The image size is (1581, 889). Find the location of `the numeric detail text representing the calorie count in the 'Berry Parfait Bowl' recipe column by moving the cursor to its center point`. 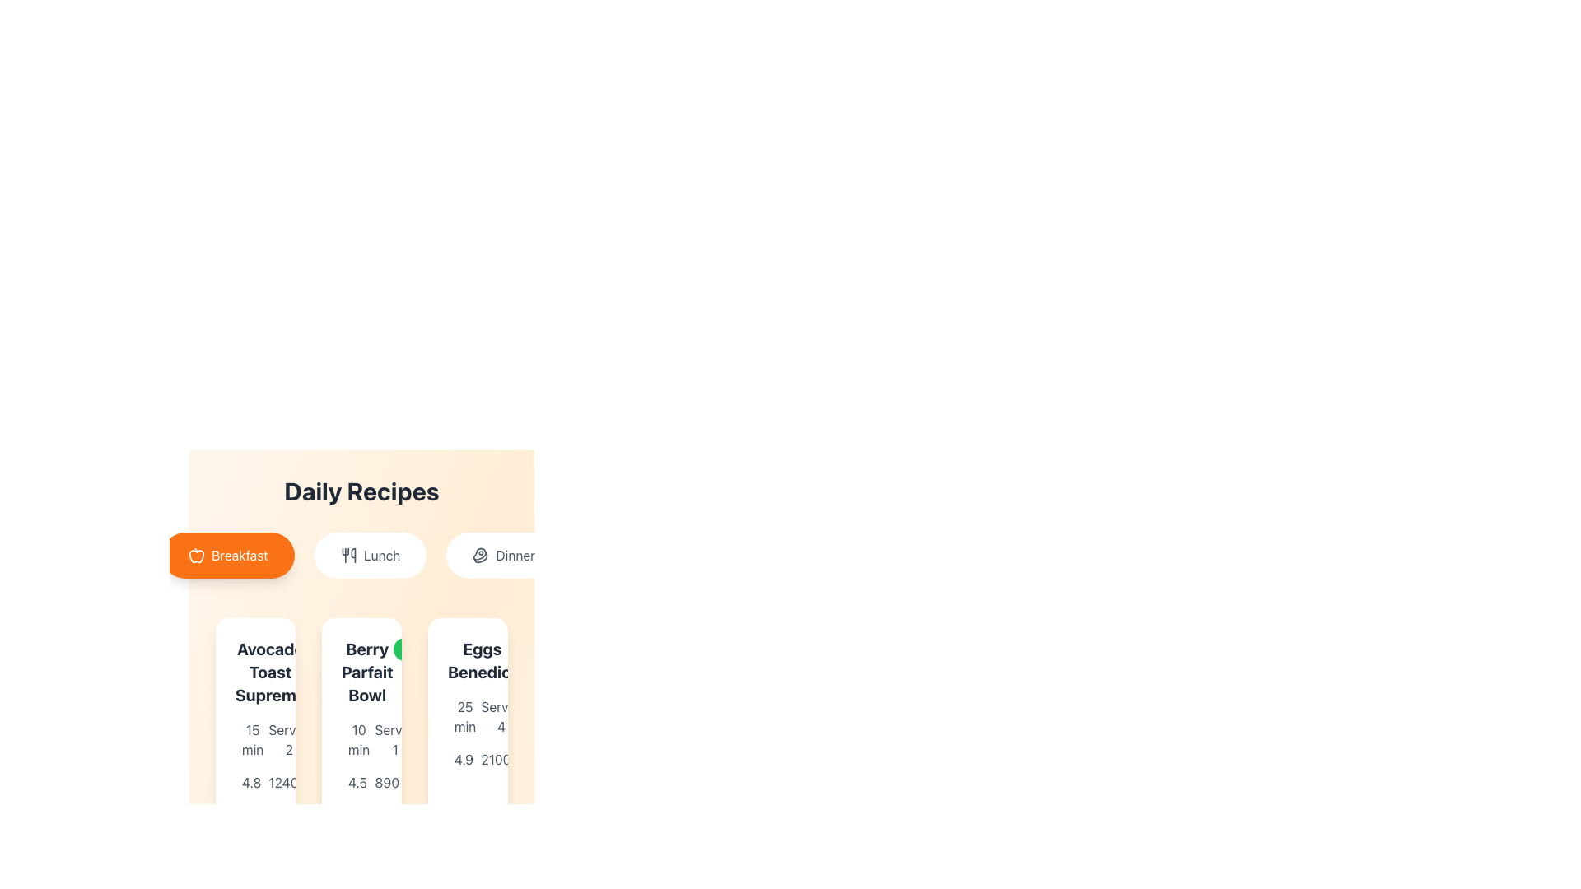

the numeric detail text representing the calorie count in the 'Berry Parfait Bowl' recipe column by moving the cursor to its center point is located at coordinates (386, 782).